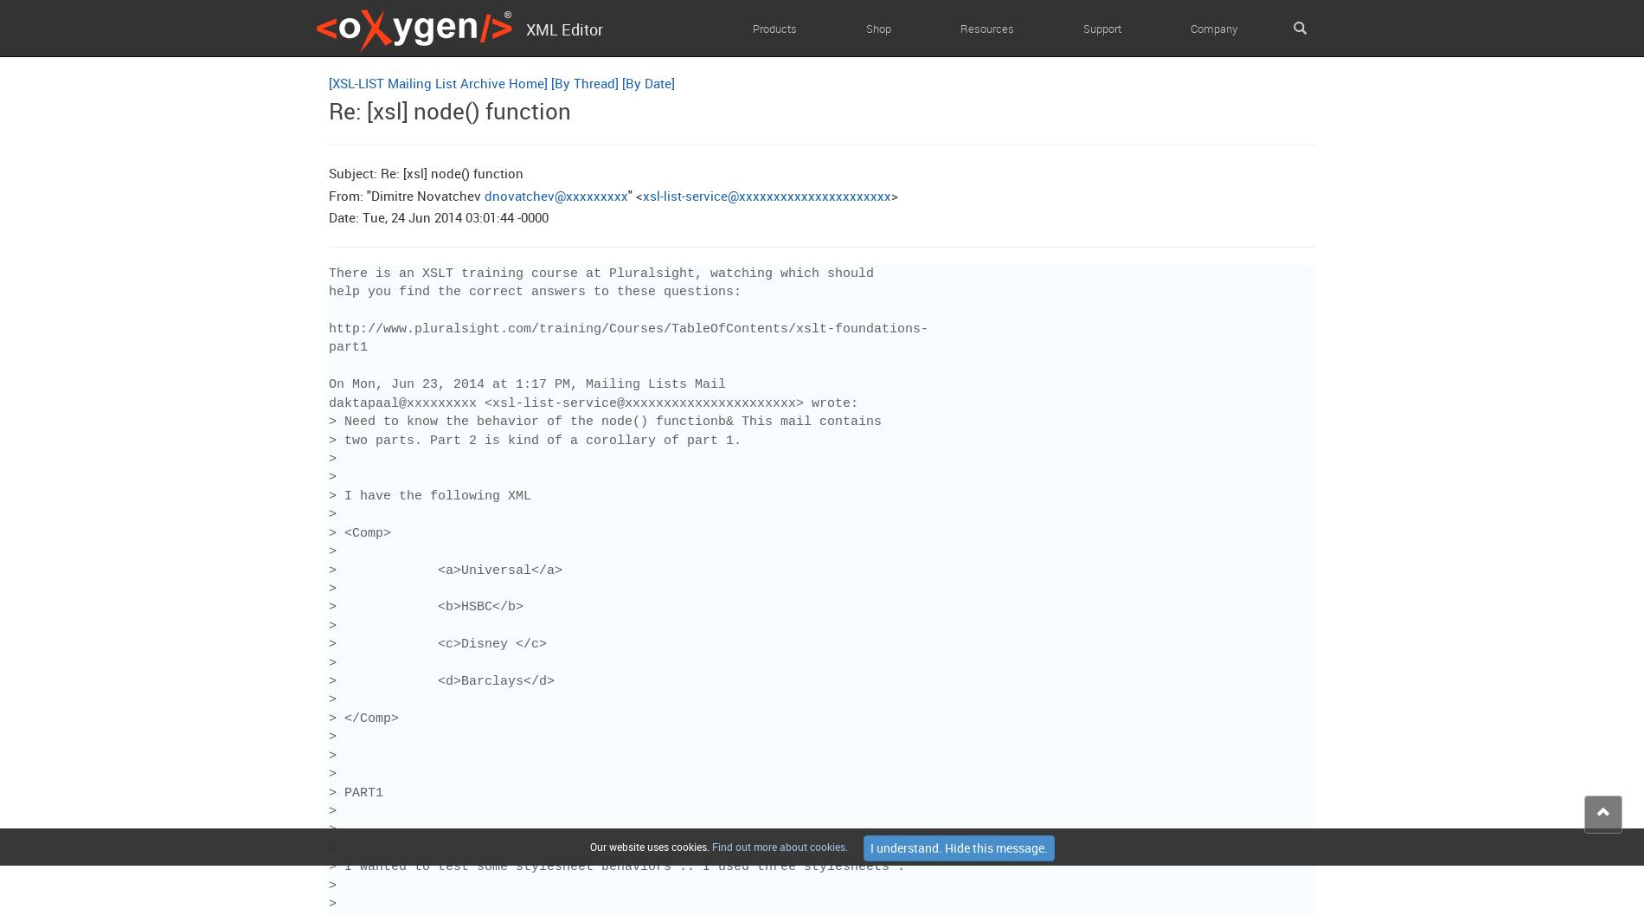  I want to click on 'Products', so click(774, 28).